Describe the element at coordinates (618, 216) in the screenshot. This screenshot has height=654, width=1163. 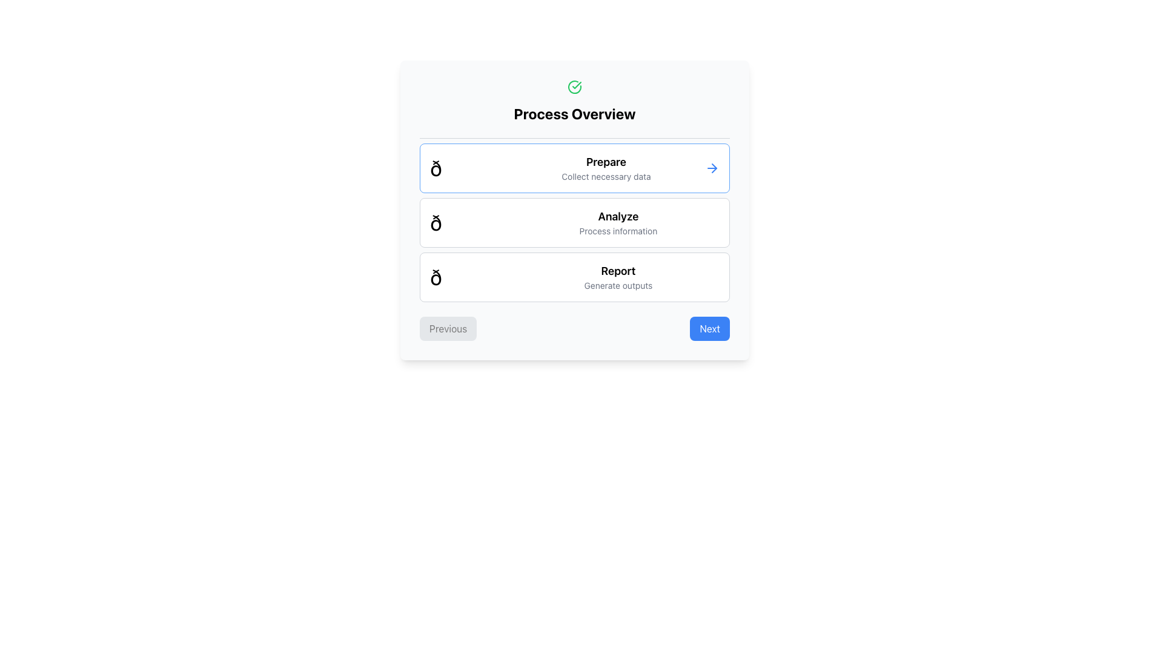
I see `the static text label indicating the Analyze step` at that location.